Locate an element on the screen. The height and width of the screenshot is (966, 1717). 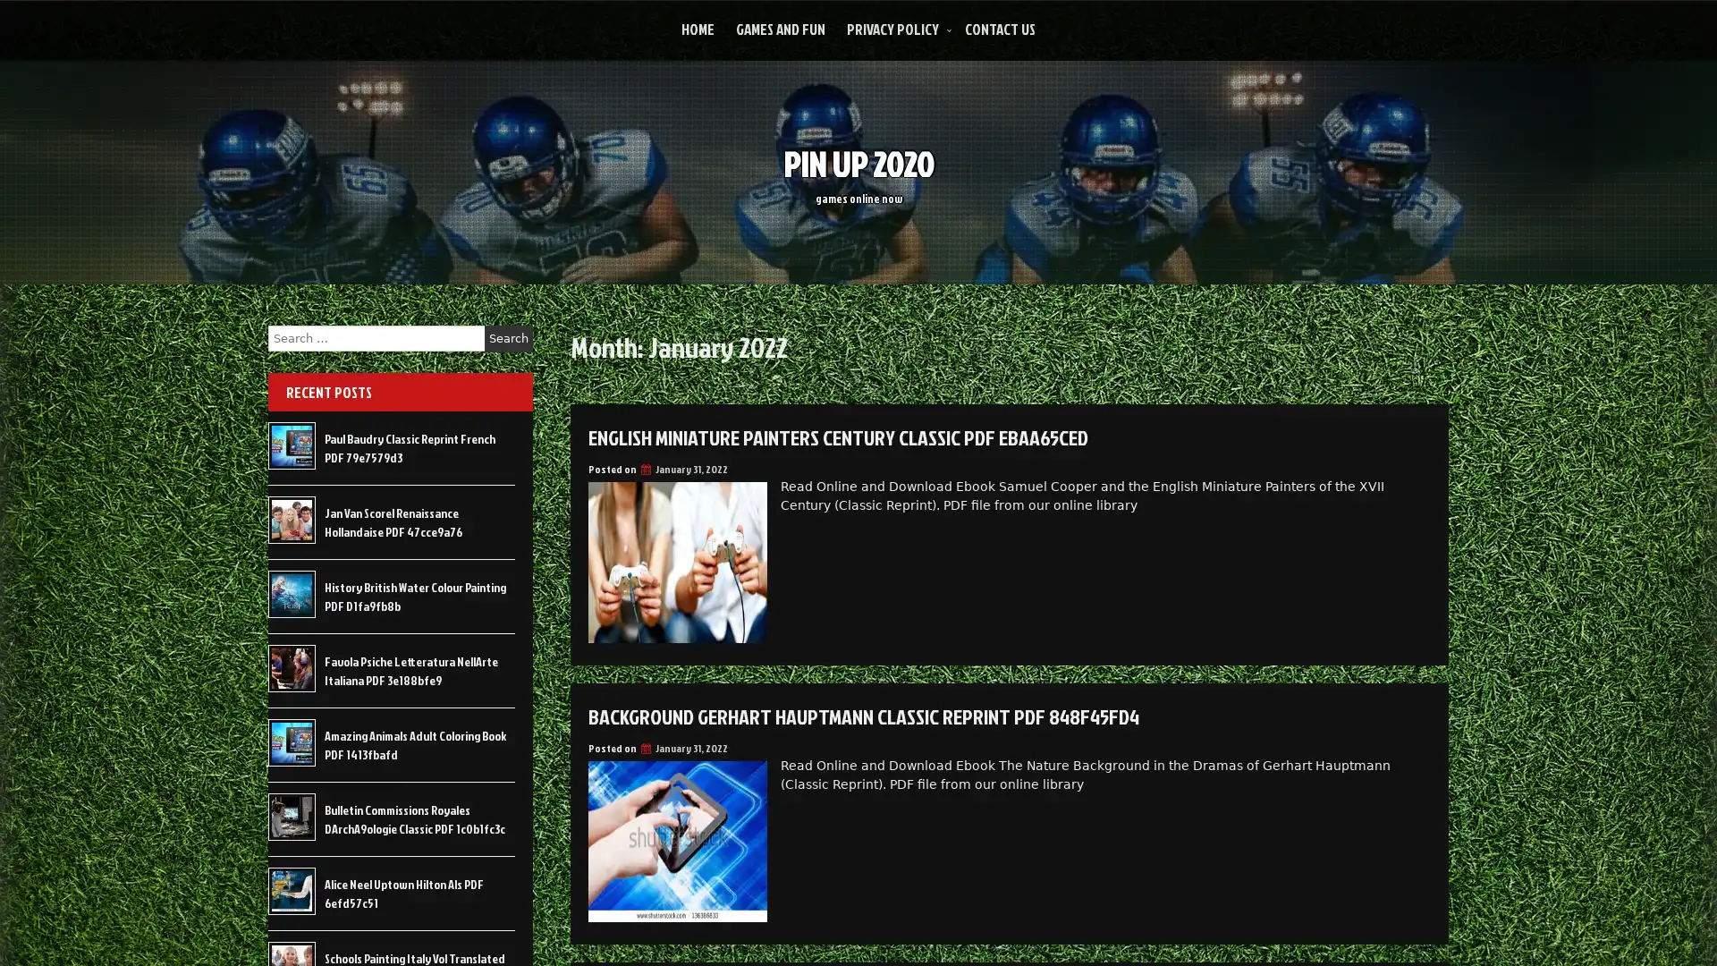
Search is located at coordinates (508, 338).